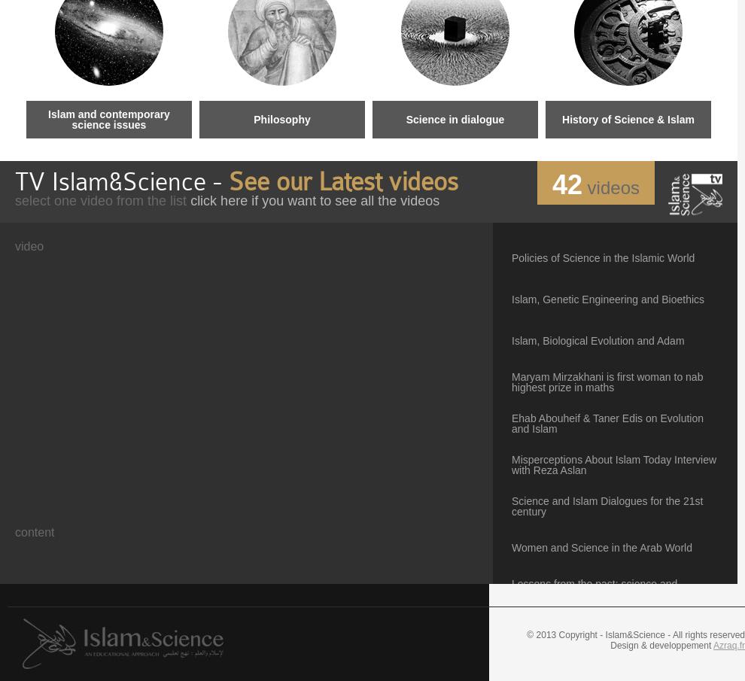 The image size is (745, 681). I want to click on 'Policies of Science in the Islamic World', so click(512, 256).